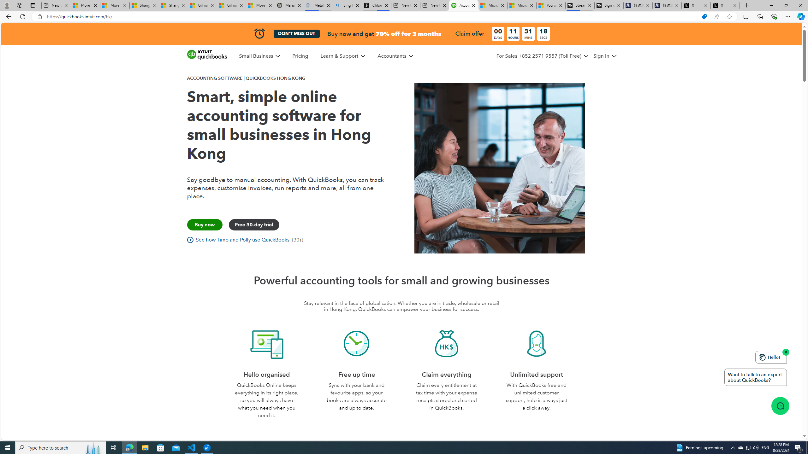 The height and width of the screenshot is (454, 808). What do you see at coordinates (729, 17) in the screenshot?
I see `'Add this page to favorites (Ctrl+D)'` at bounding box center [729, 17].